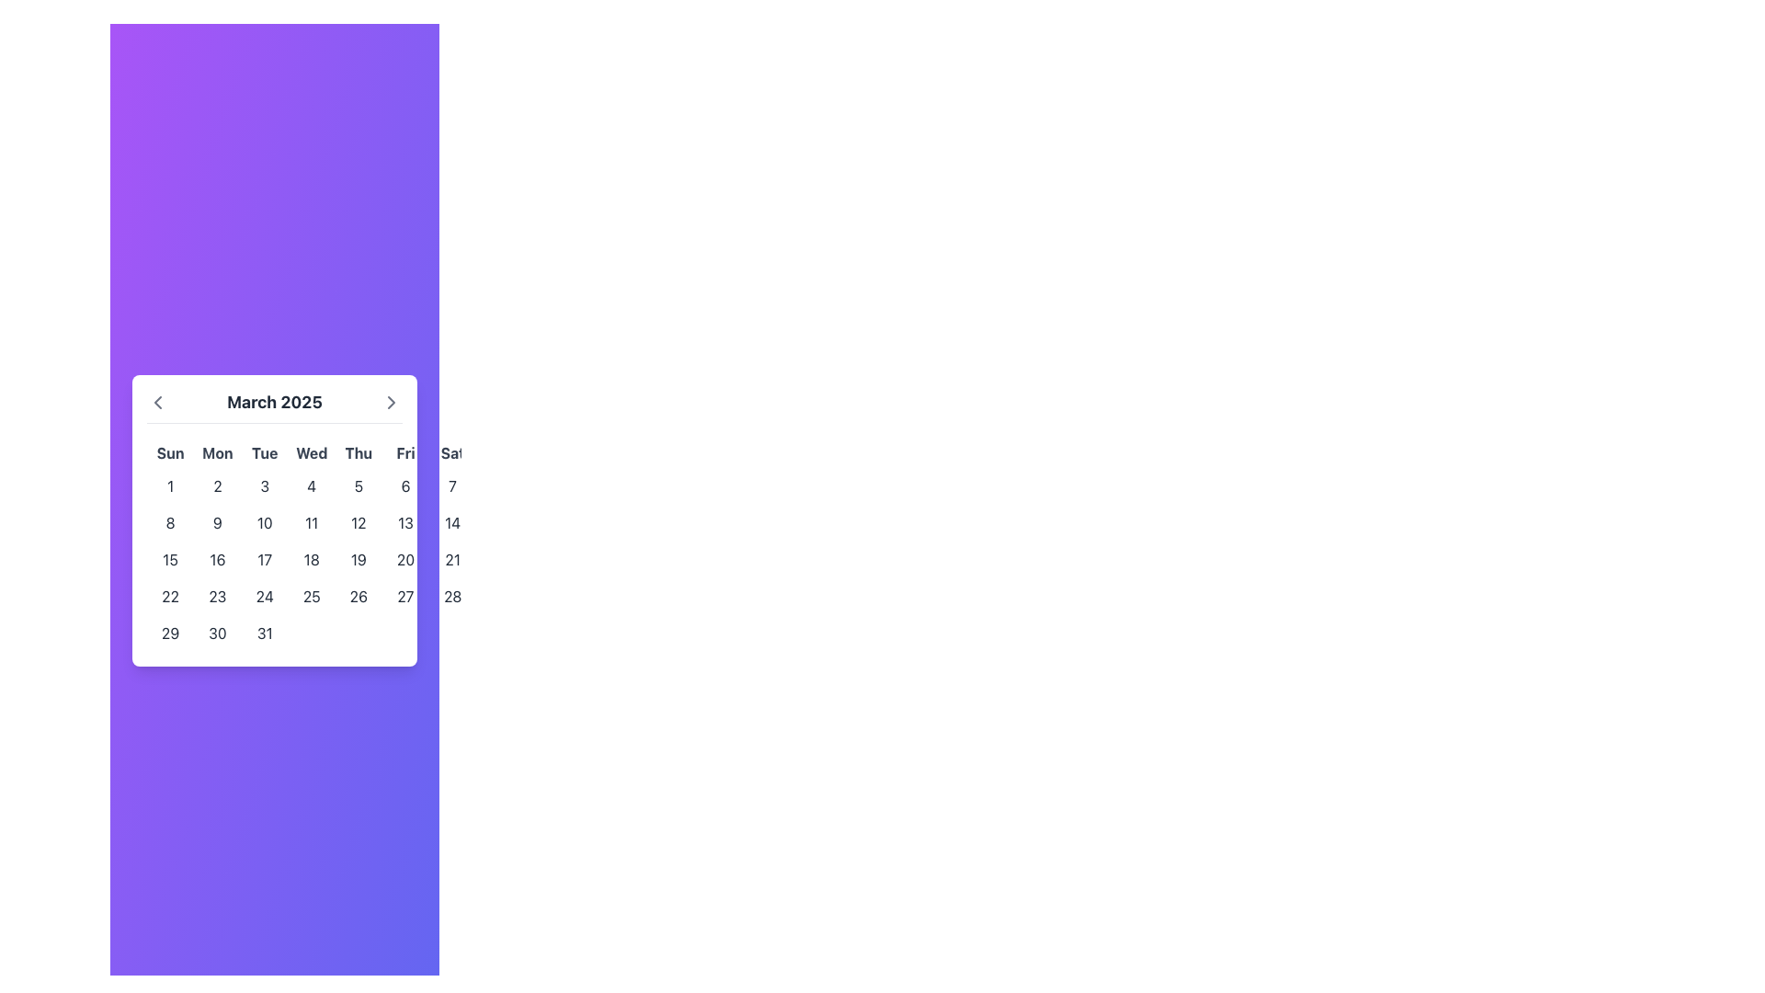 The width and height of the screenshot is (1765, 993). Describe the element at coordinates (170, 632) in the screenshot. I see `the calendar date cell representing the date '29'` at that location.